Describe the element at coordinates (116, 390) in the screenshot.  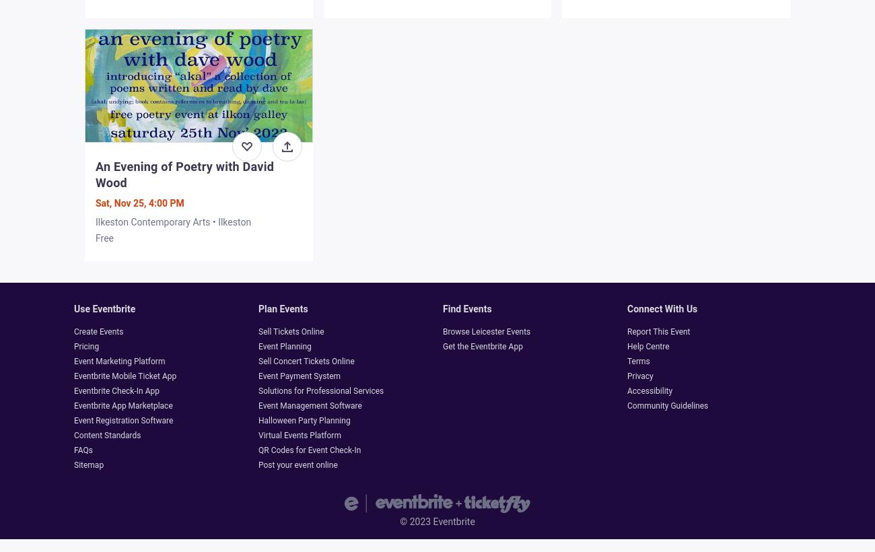
I see `'Eventbrite Check-In App'` at that location.